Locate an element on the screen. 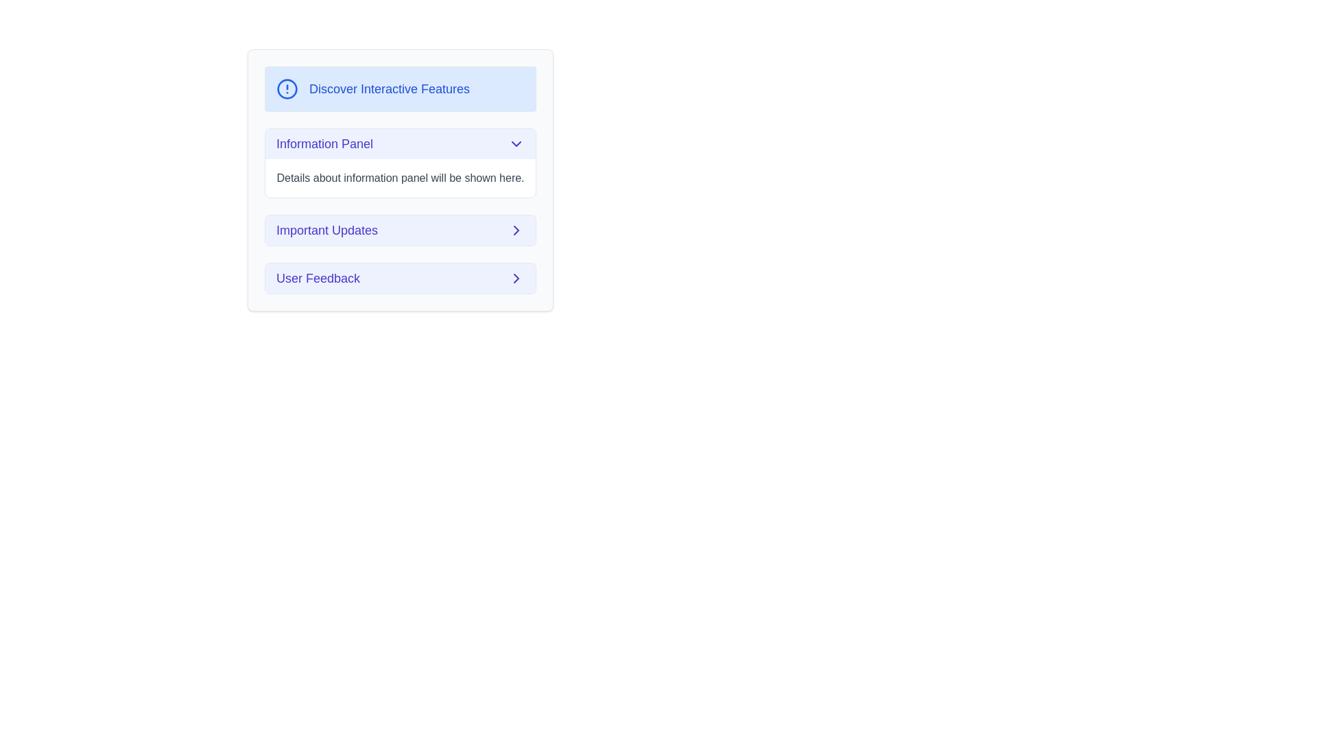 Image resolution: width=1317 pixels, height=741 pixels. the Informational banner or header that has a light blue background with rounded corners and contains the text 'Discover Interactive Features' is located at coordinates (400, 89).